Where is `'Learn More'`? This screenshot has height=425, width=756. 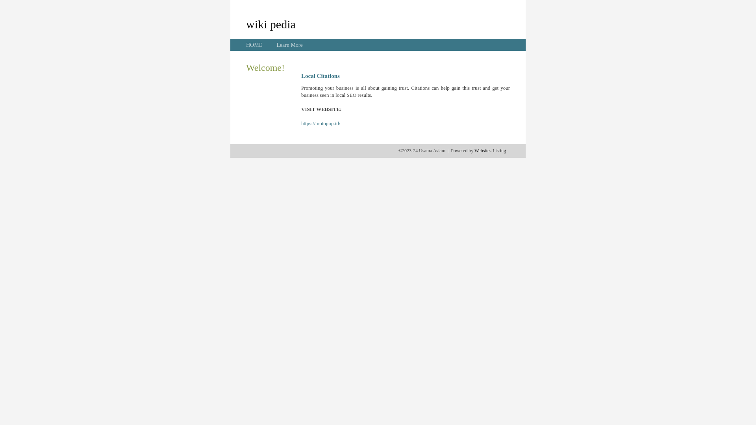
'Learn More' is located at coordinates (289, 45).